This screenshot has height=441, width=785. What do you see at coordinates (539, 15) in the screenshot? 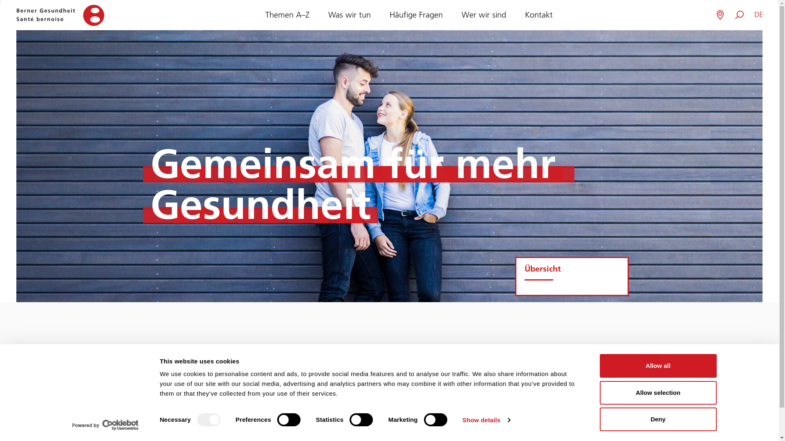
I see `'Kontakt'` at bounding box center [539, 15].